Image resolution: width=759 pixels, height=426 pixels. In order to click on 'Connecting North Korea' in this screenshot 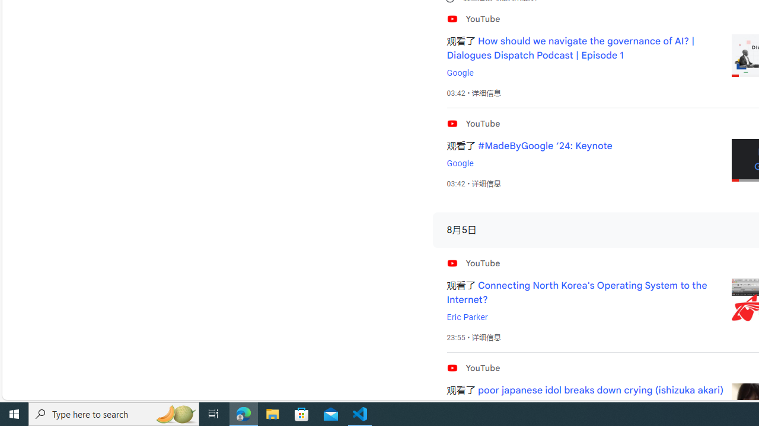, I will do `click(576, 293)`.